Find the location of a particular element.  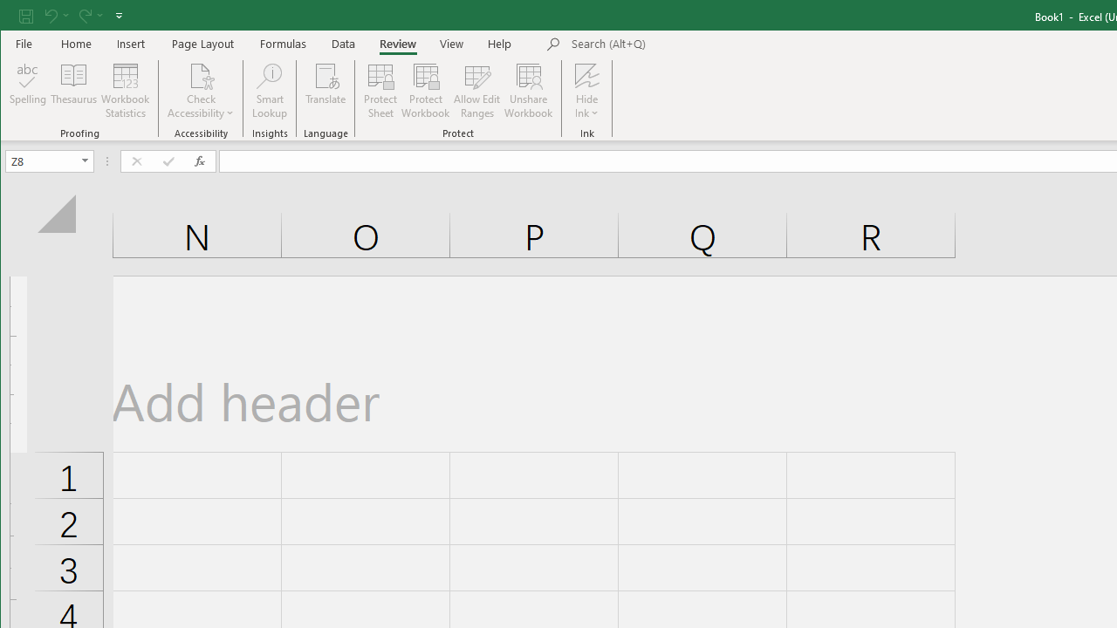

'Translate' is located at coordinates (326, 91).